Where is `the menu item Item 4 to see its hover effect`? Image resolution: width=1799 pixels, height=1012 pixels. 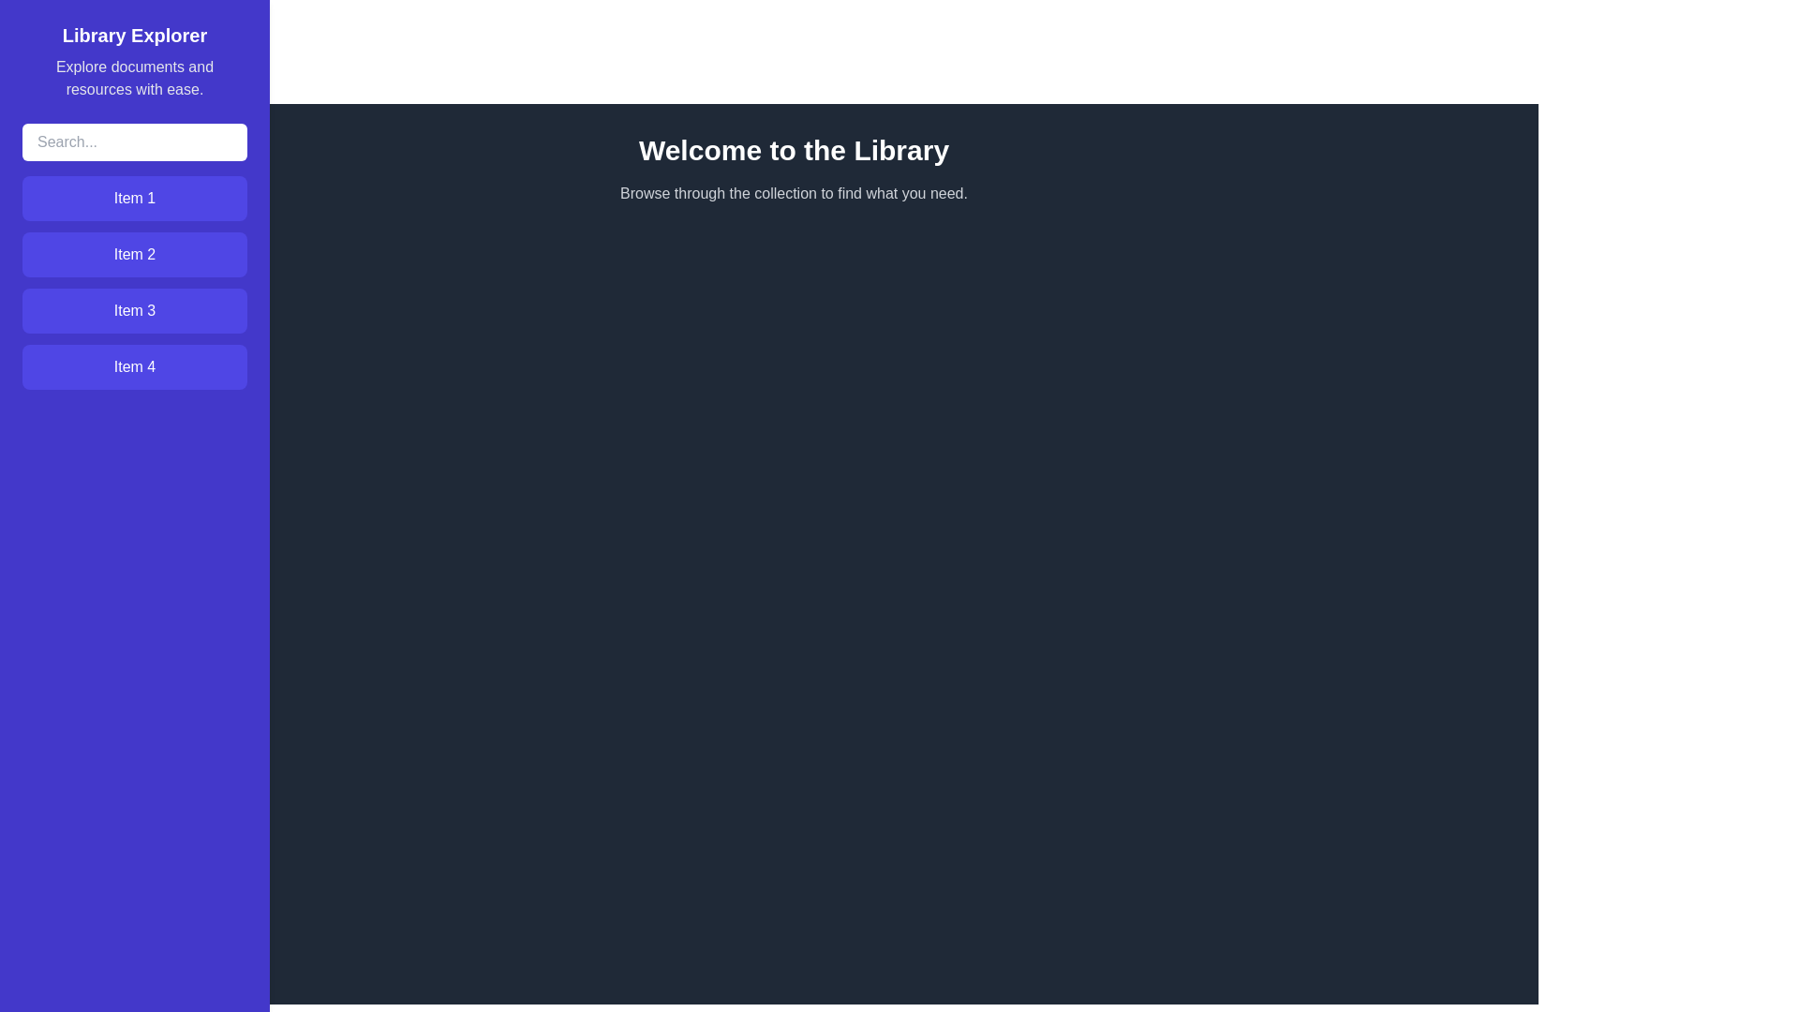 the menu item Item 4 to see its hover effect is located at coordinates (134, 367).